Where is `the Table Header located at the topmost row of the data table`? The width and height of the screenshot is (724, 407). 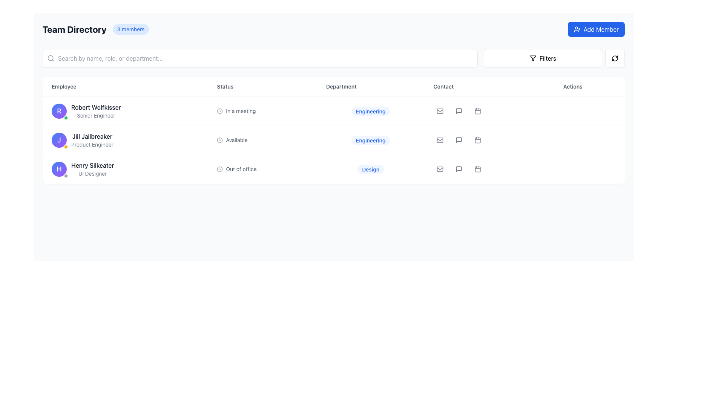
the Table Header located at the topmost row of the data table is located at coordinates (333, 86).